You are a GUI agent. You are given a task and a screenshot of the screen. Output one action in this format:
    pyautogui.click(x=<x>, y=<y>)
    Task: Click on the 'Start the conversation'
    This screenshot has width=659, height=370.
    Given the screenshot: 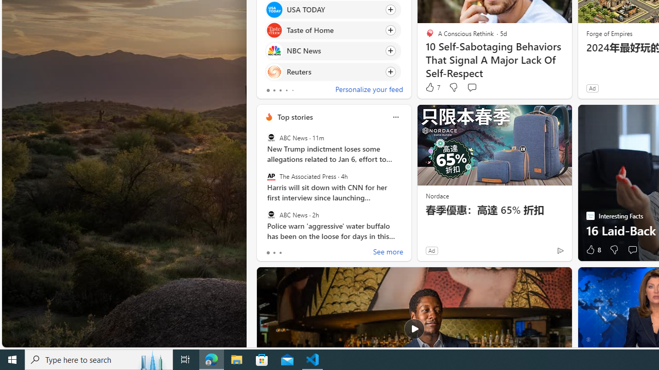 What is the action you would take?
    pyautogui.click(x=632, y=250)
    